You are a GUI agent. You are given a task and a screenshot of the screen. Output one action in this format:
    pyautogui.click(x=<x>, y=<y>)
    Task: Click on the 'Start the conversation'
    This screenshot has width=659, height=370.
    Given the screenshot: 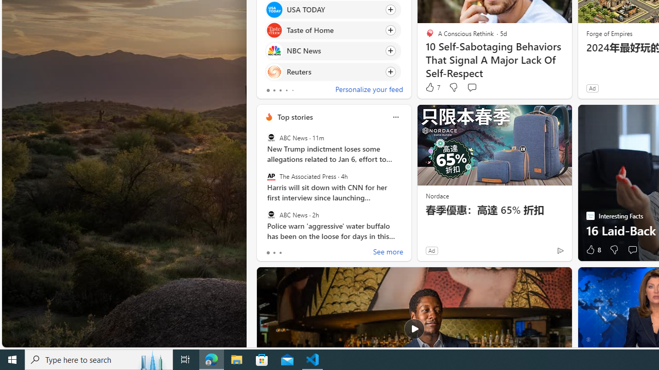 What is the action you would take?
    pyautogui.click(x=632, y=250)
    